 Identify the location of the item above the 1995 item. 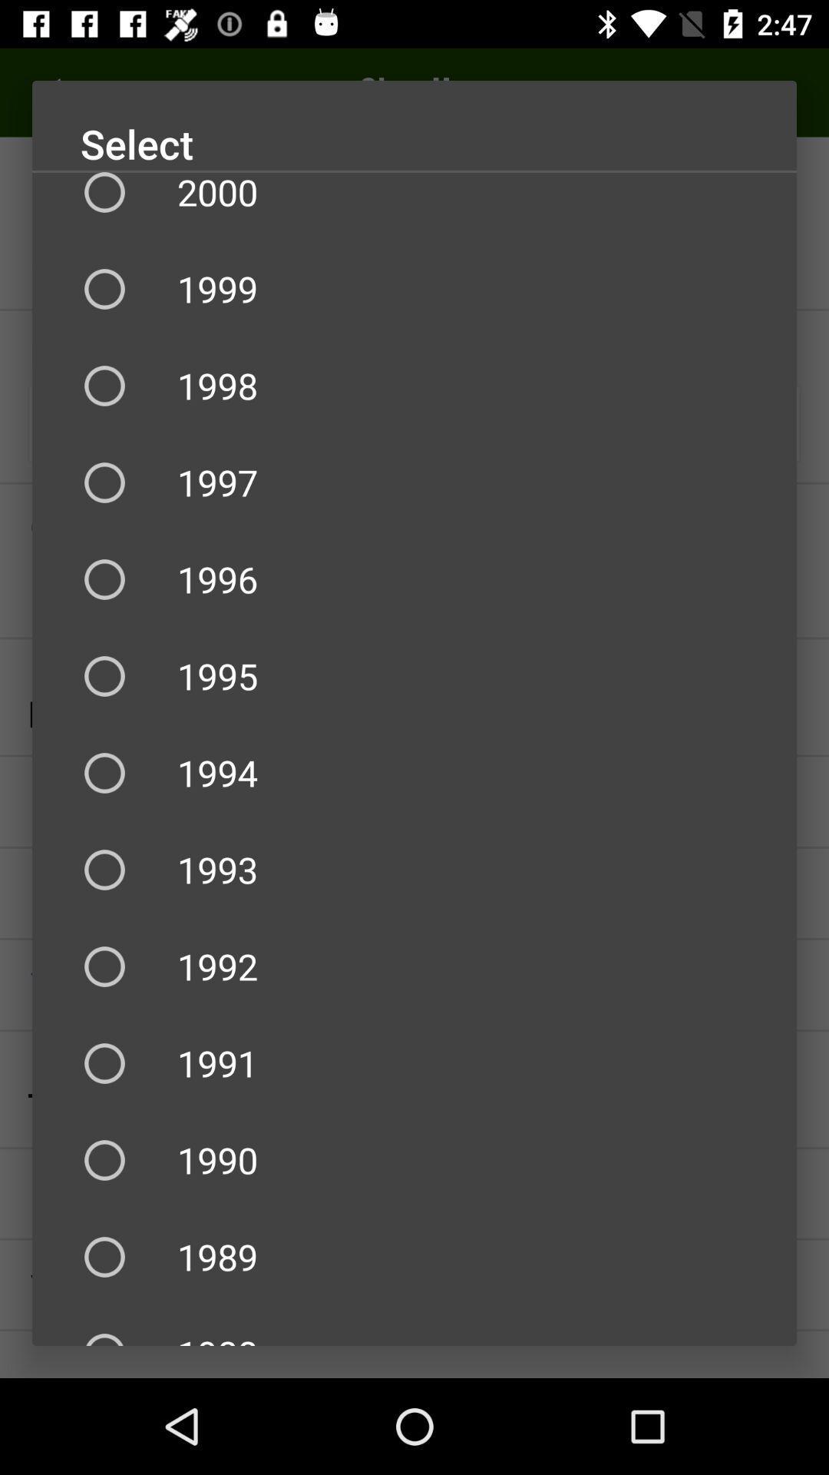
(414, 578).